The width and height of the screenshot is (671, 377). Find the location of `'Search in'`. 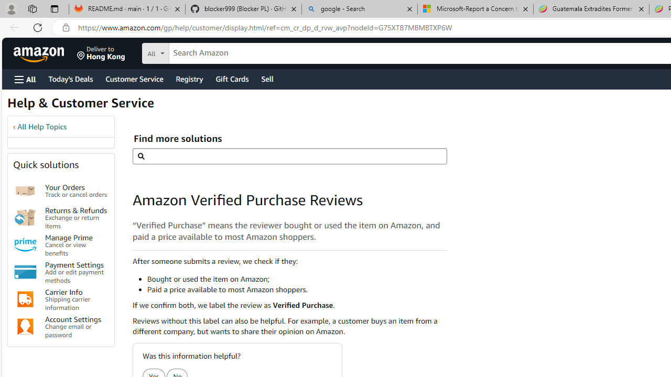

'Search in' is located at coordinates (194, 52).